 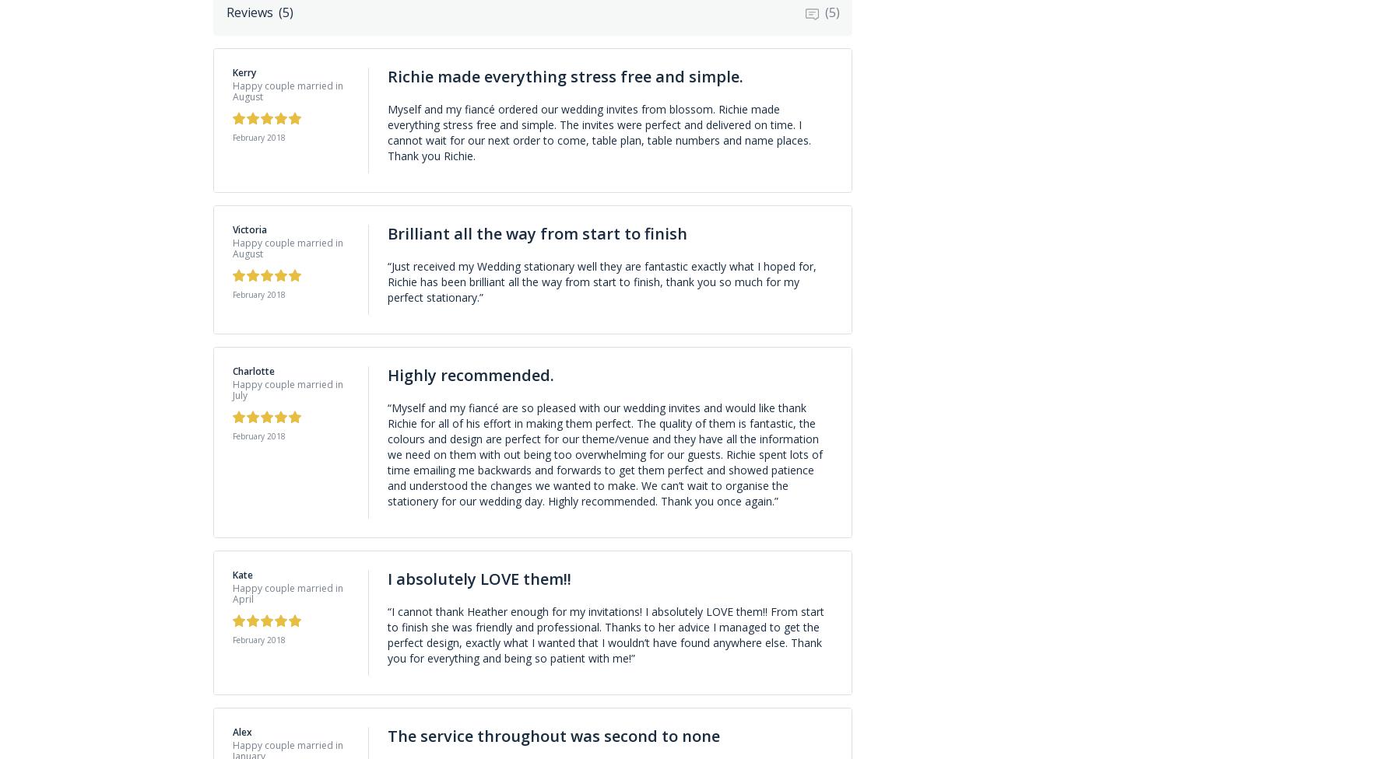 What do you see at coordinates (386, 453) in the screenshot?
I see `'“Myself and my fiancé are so pleased with our wedding invites and would like thank Richie for all of his effort in making them perfect. The quality of them is fantastic, the colours and design are perfect for our theme/venue and they have all the information we need on them with out being too overwhelming for our guests. Richie spent lots of time emailing me backwards and forwards to get them perfect and showed patience and understood the changes we wanted to make. We can’t wait to organise the stationery for our wedding day. Highly recommended. Thank you once again.”'` at bounding box center [386, 453].